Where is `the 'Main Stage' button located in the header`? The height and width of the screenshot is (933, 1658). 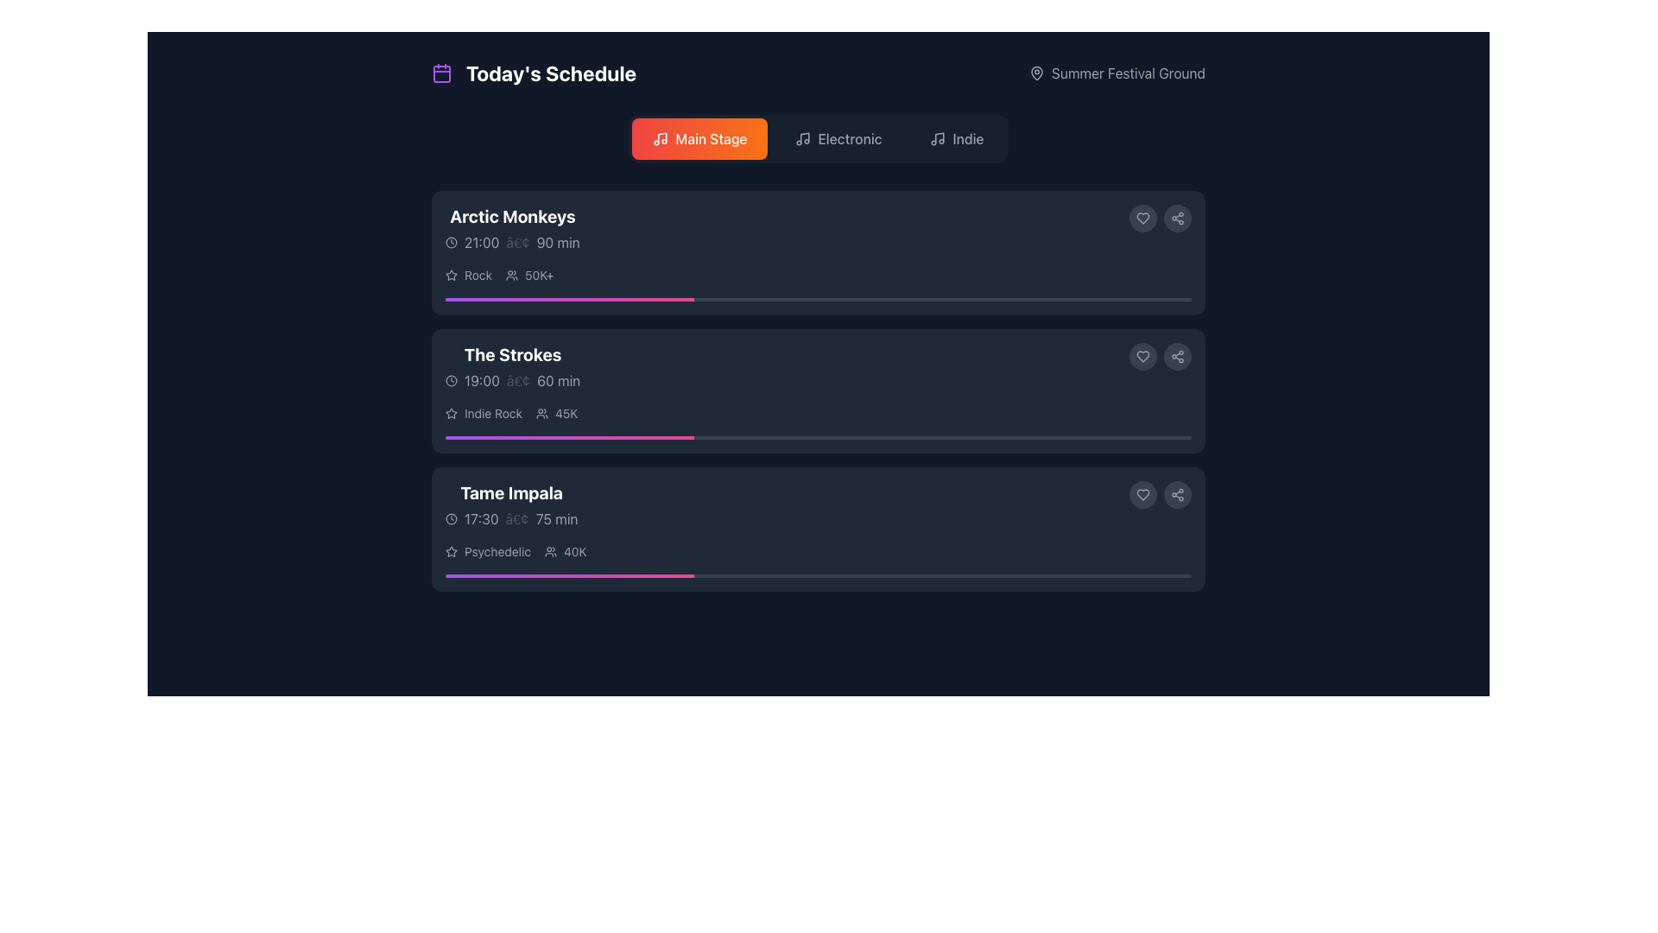
the 'Main Stage' button located in the header is located at coordinates (700, 138).